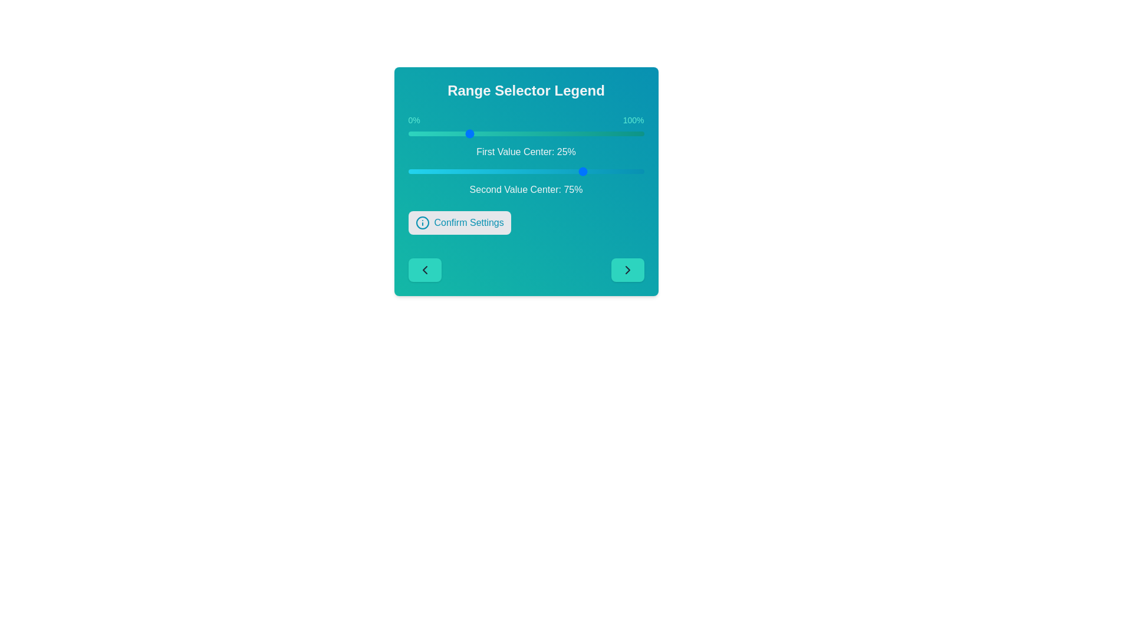  I want to click on the slider value, so click(436, 133).